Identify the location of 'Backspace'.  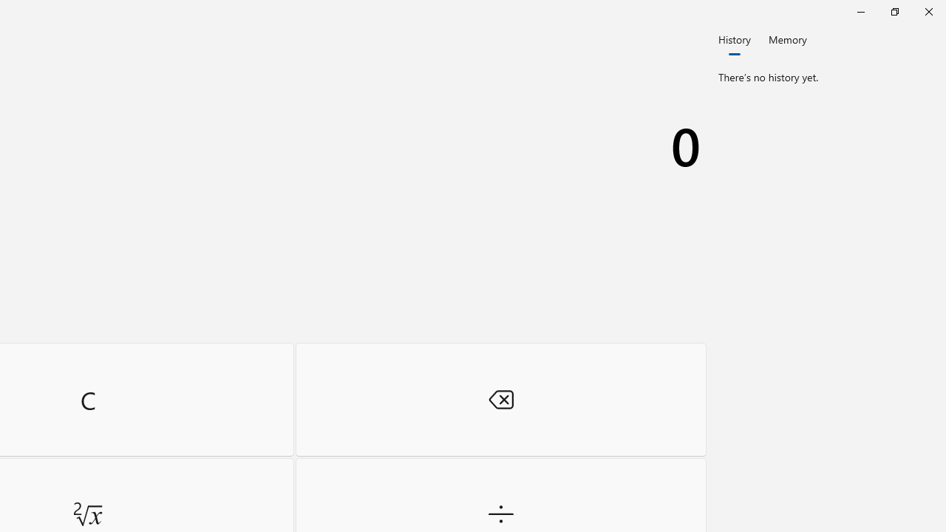
(500, 399).